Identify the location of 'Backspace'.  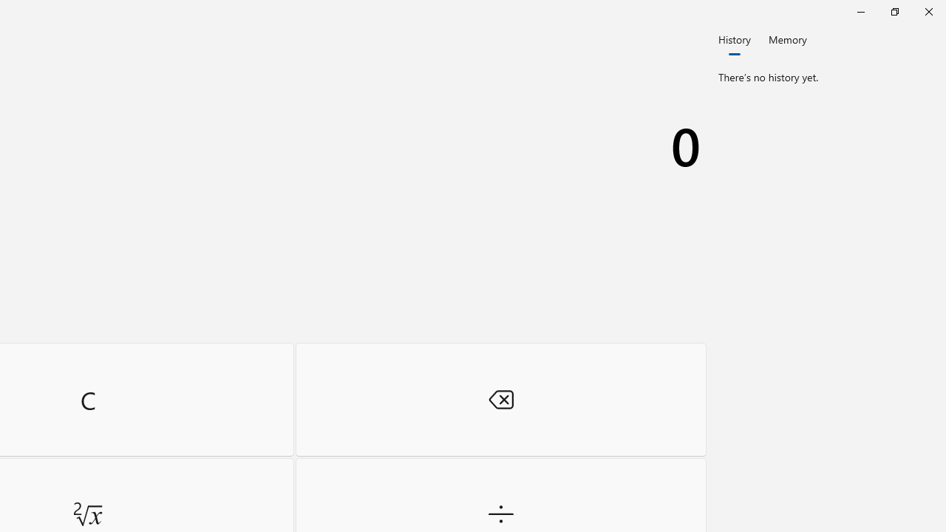
(500, 399).